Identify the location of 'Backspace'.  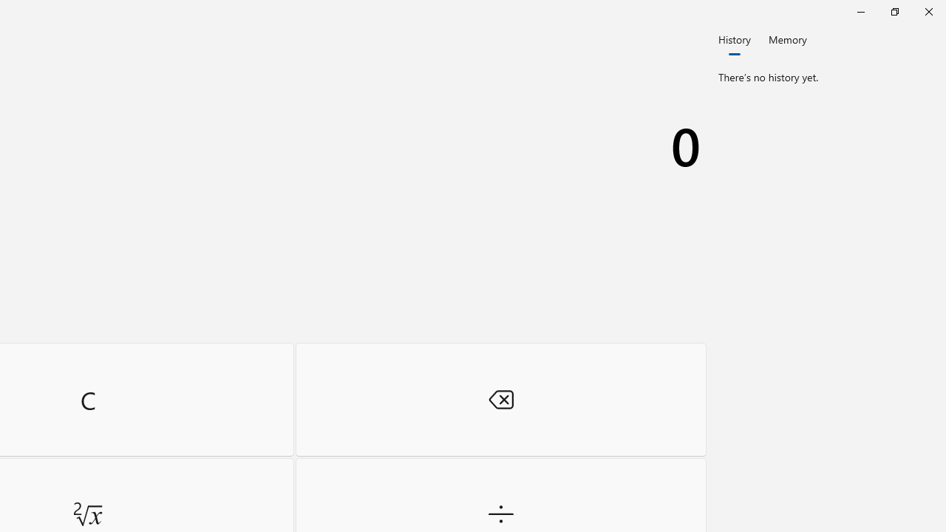
(500, 399).